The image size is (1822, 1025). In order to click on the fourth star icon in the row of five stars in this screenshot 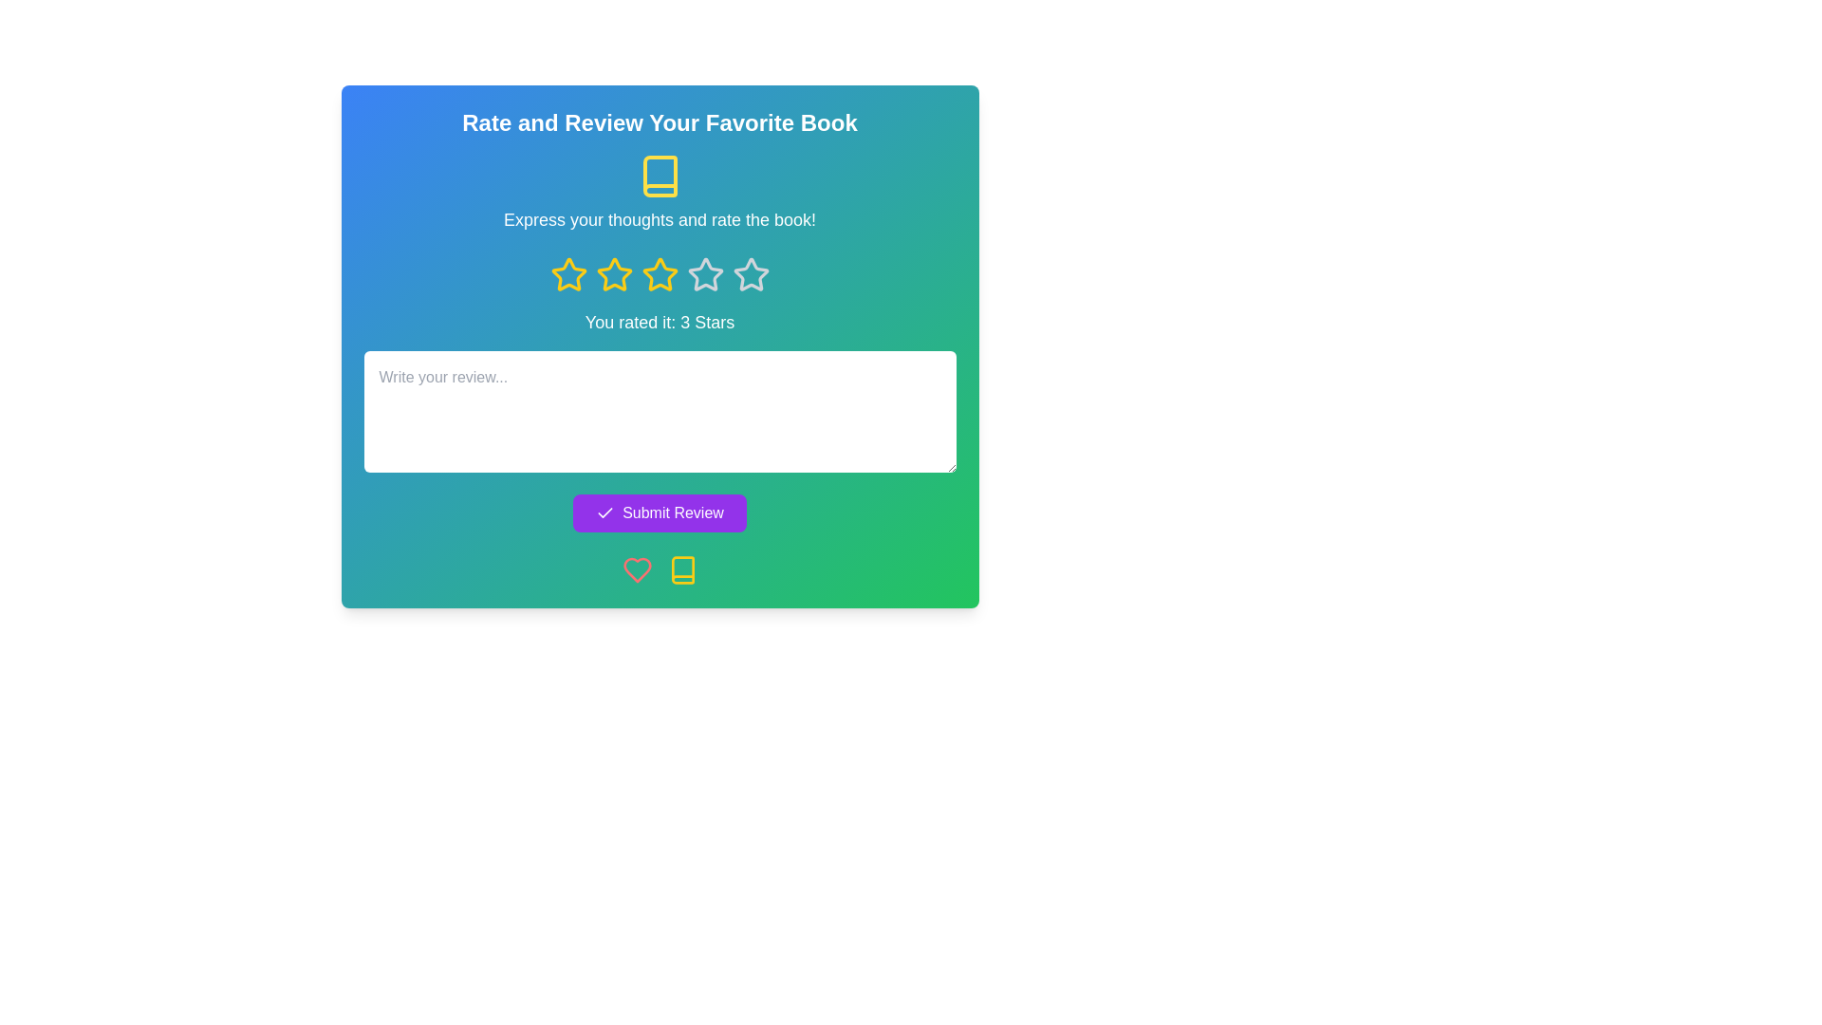, I will do `click(750, 274)`.